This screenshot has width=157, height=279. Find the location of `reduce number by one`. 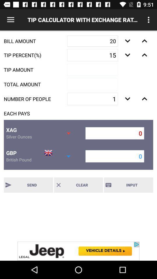

reduce number by one is located at coordinates (127, 99).